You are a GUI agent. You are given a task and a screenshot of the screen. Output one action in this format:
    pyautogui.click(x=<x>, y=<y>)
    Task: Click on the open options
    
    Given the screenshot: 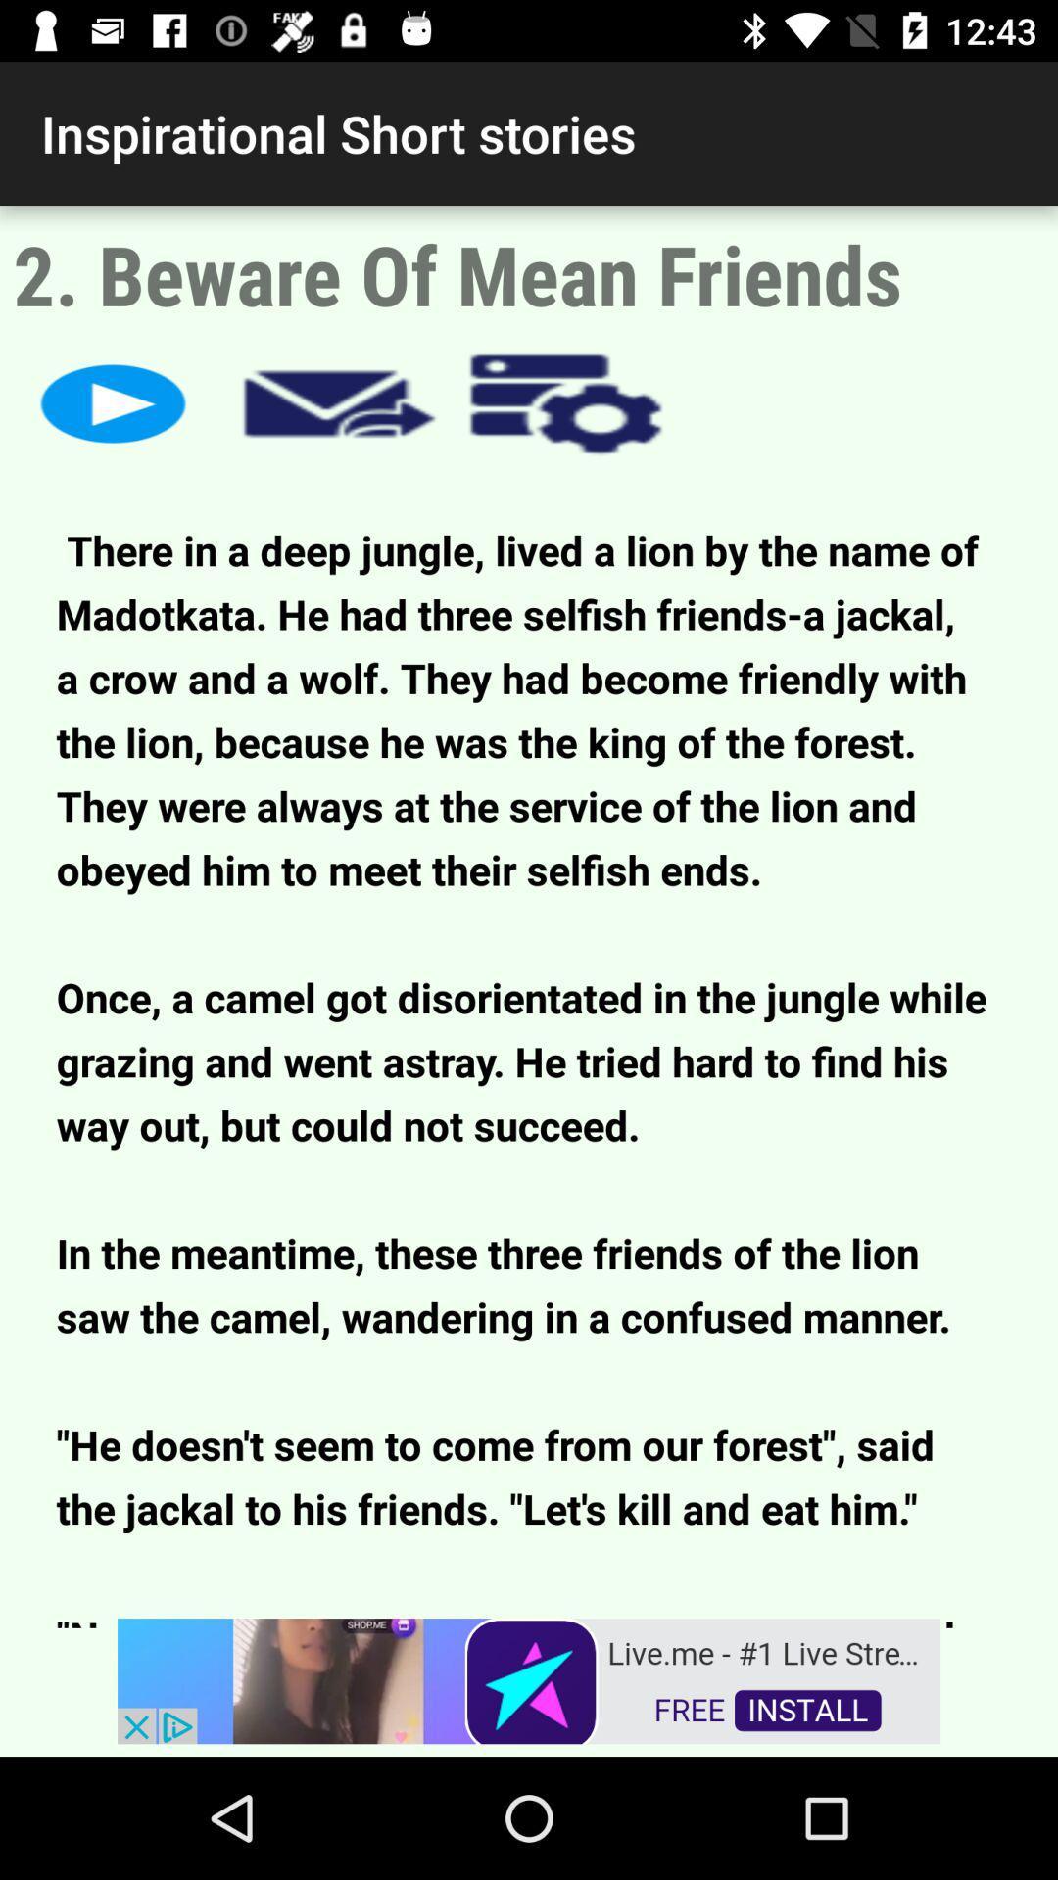 What is the action you would take?
    pyautogui.click(x=565, y=402)
    